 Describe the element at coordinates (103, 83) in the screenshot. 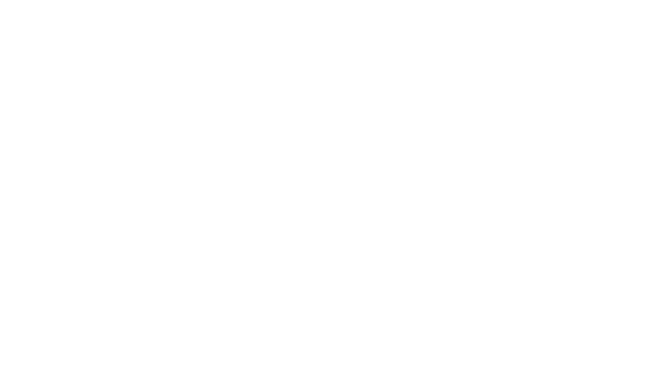

I see `'ALBUQUERQUE, N.M. (KRQE) - The first ever LimFlow procedure in the Western United States, was performed at'` at that location.